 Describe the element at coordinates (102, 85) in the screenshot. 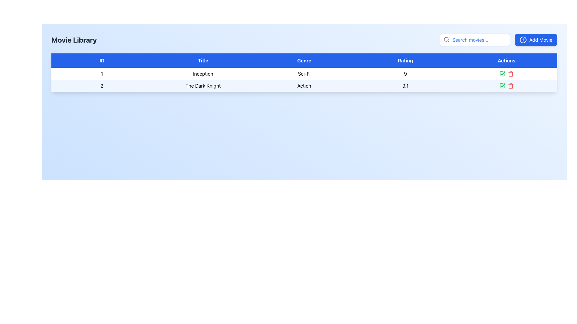

I see `the bold numeral '2' in the first cell of the second row under the ID column, which is visually distinct and associated with 'The Dark Knight'` at that location.